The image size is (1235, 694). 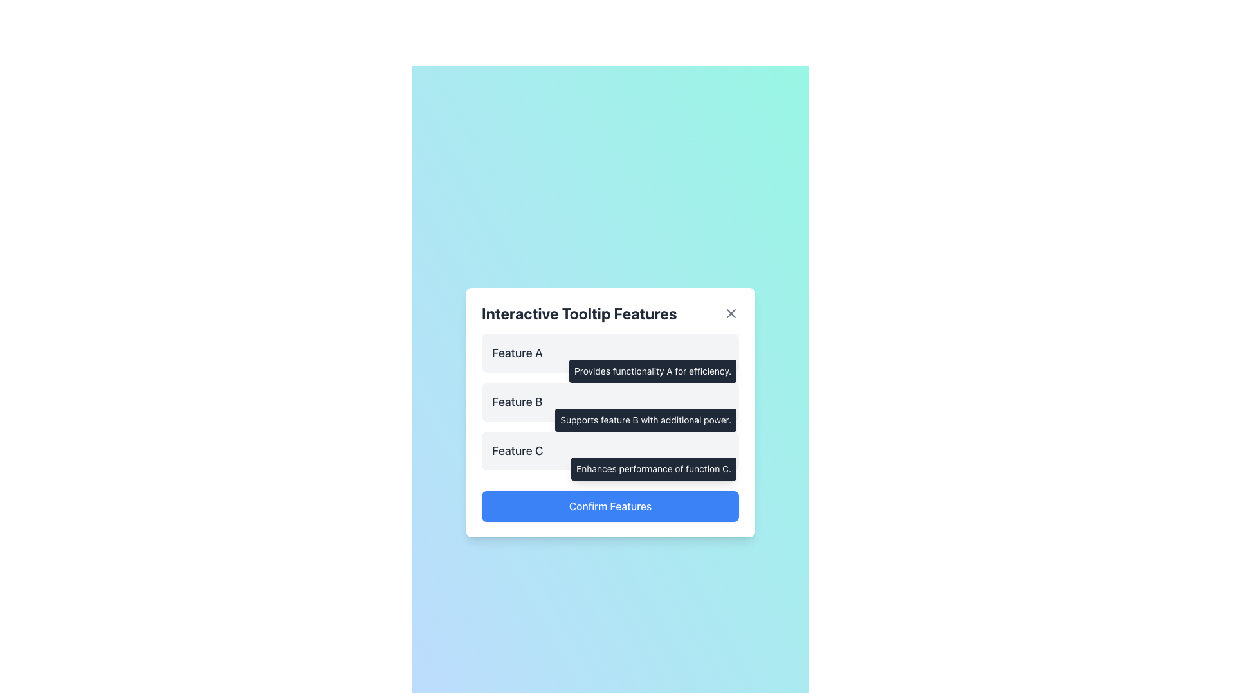 I want to click on the cross inside the close button graphic located at the top-right corner of the 'Interactive Tooltip Features' card, so click(x=731, y=314).